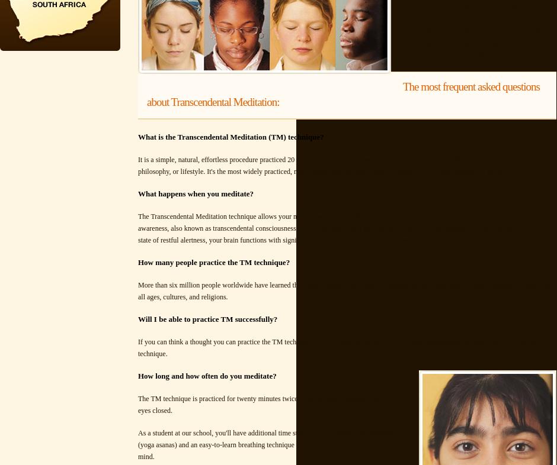  I want to click on 'What happens when you meditate?', so click(196, 193).